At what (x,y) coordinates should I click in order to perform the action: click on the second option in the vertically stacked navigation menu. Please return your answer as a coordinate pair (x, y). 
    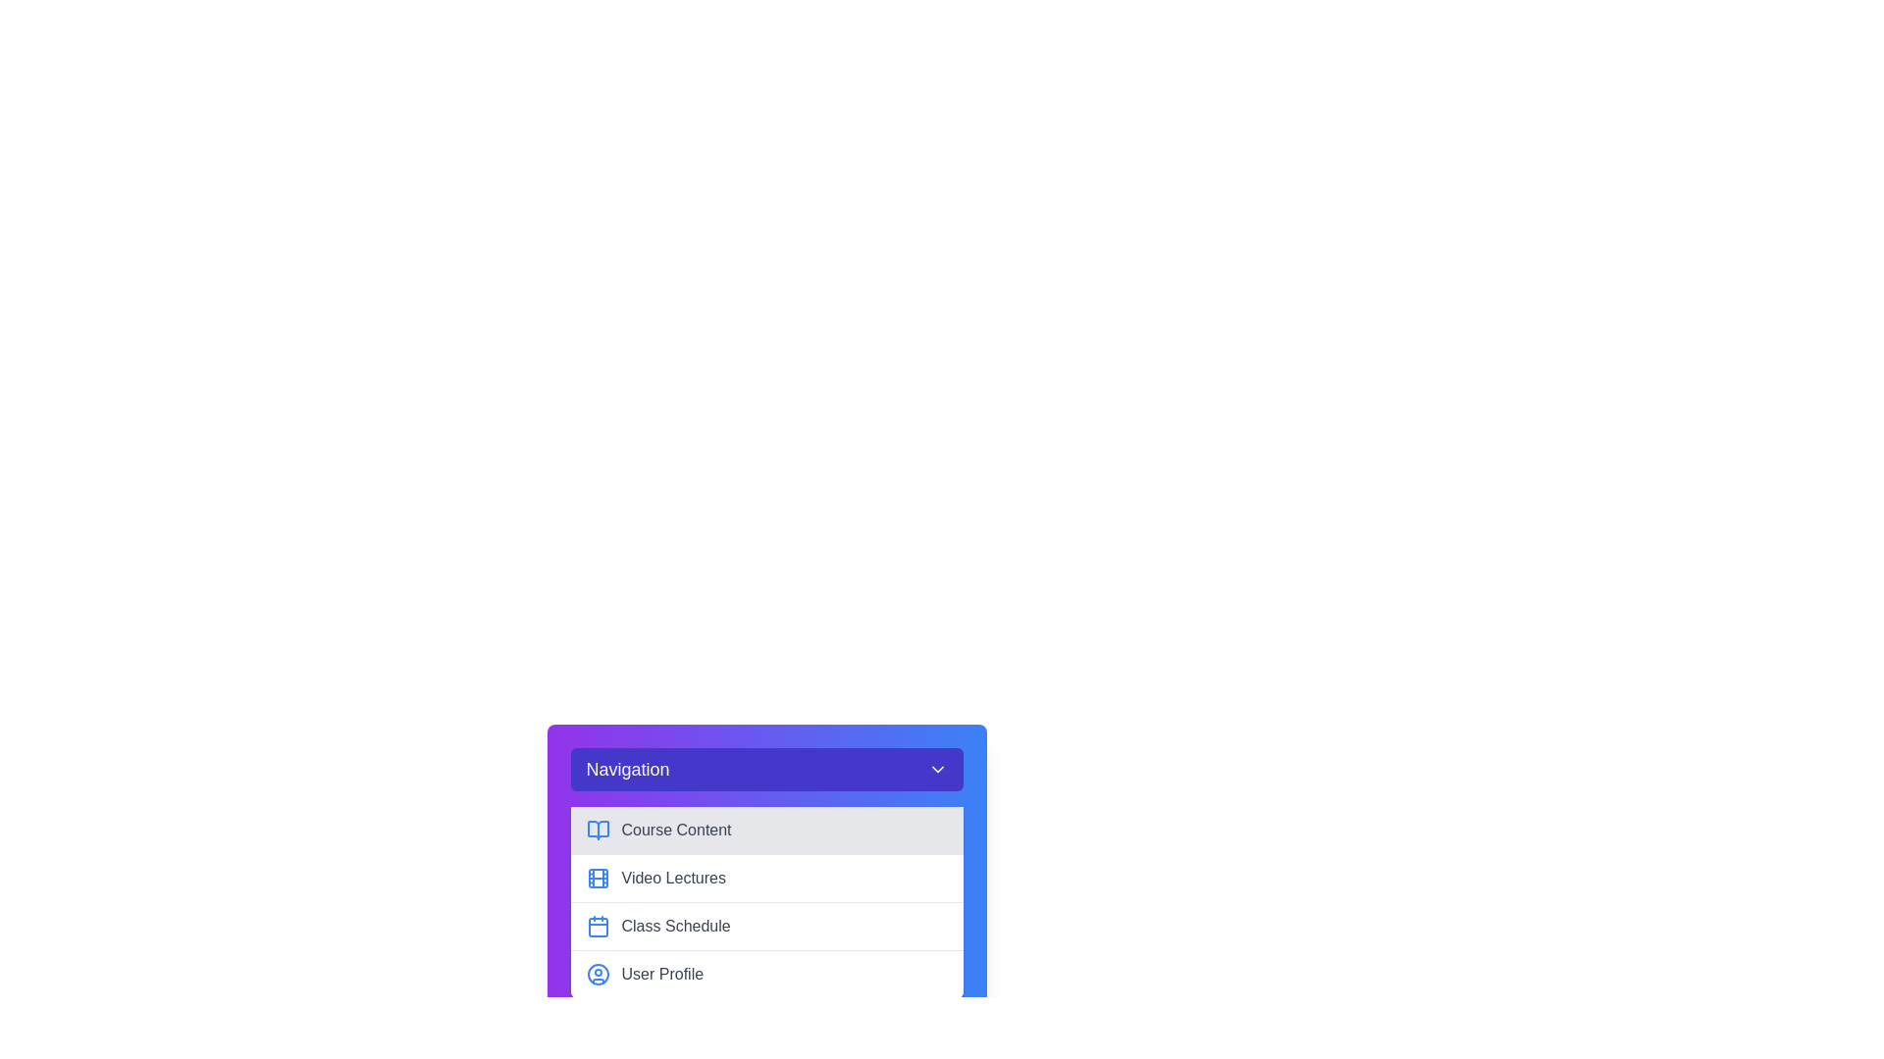
    Looking at the image, I should click on (765, 877).